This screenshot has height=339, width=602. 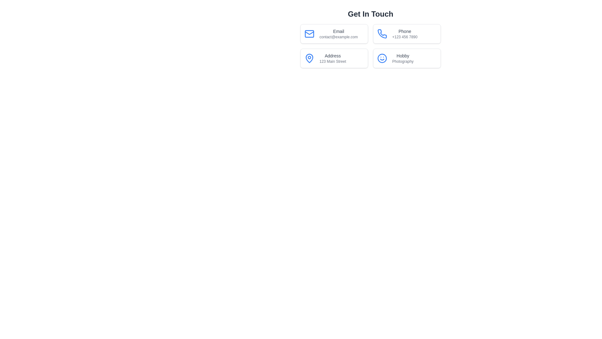 What do you see at coordinates (338, 37) in the screenshot?
I see `the text label displaying the email address, located in the top-left corner of the grid layout, directly below the 'Email' label` at bounding box center [338, 37].